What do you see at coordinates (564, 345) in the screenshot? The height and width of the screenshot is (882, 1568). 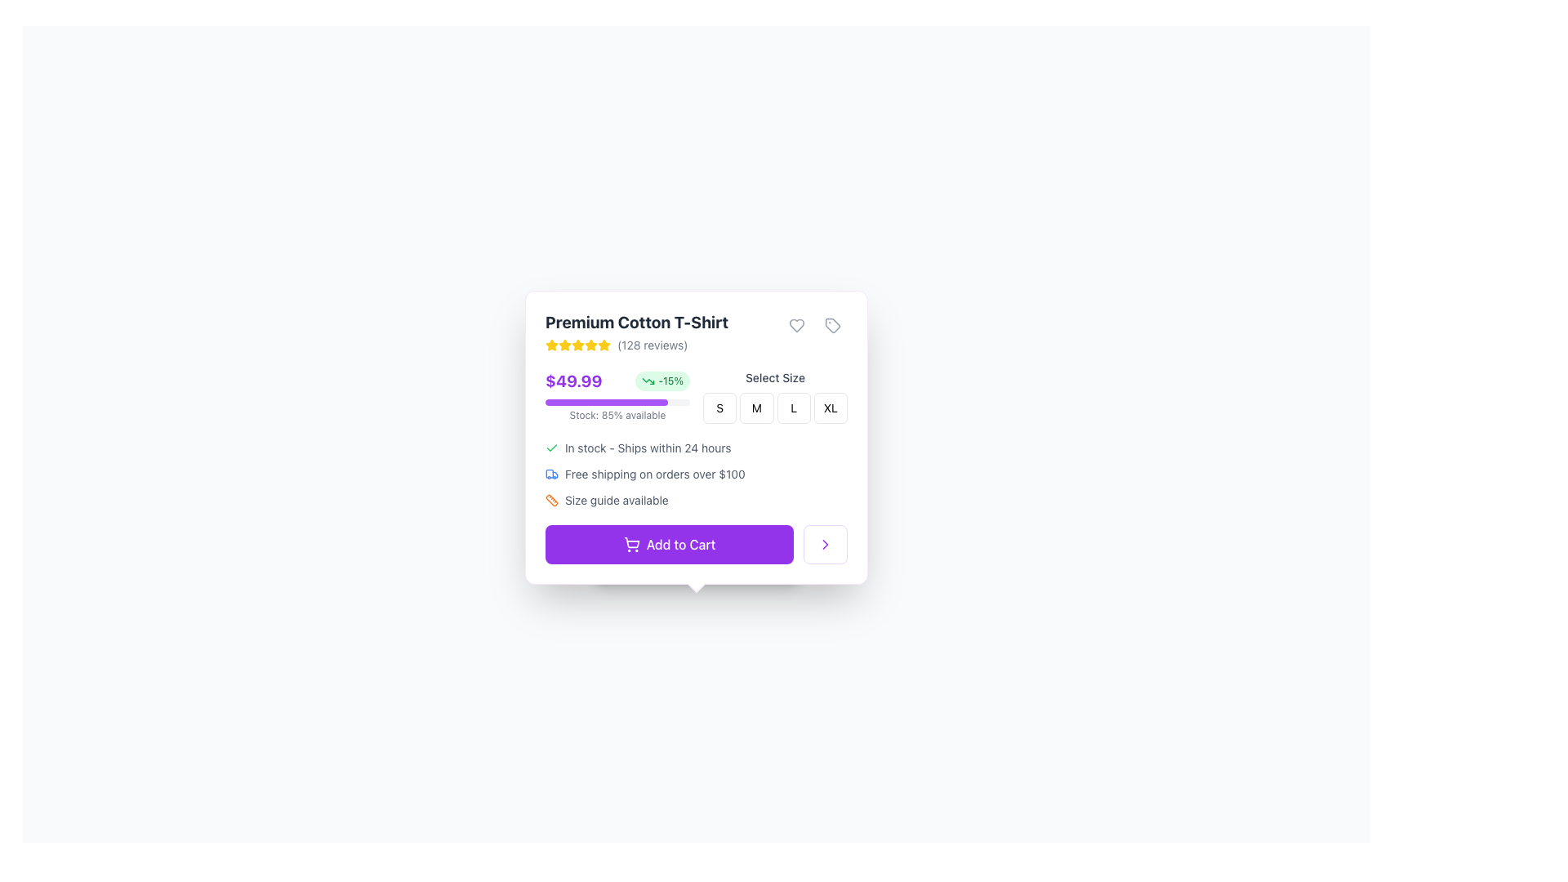 I see `the third star icon in the rating component above the price label` at bounding box center [564, 345].